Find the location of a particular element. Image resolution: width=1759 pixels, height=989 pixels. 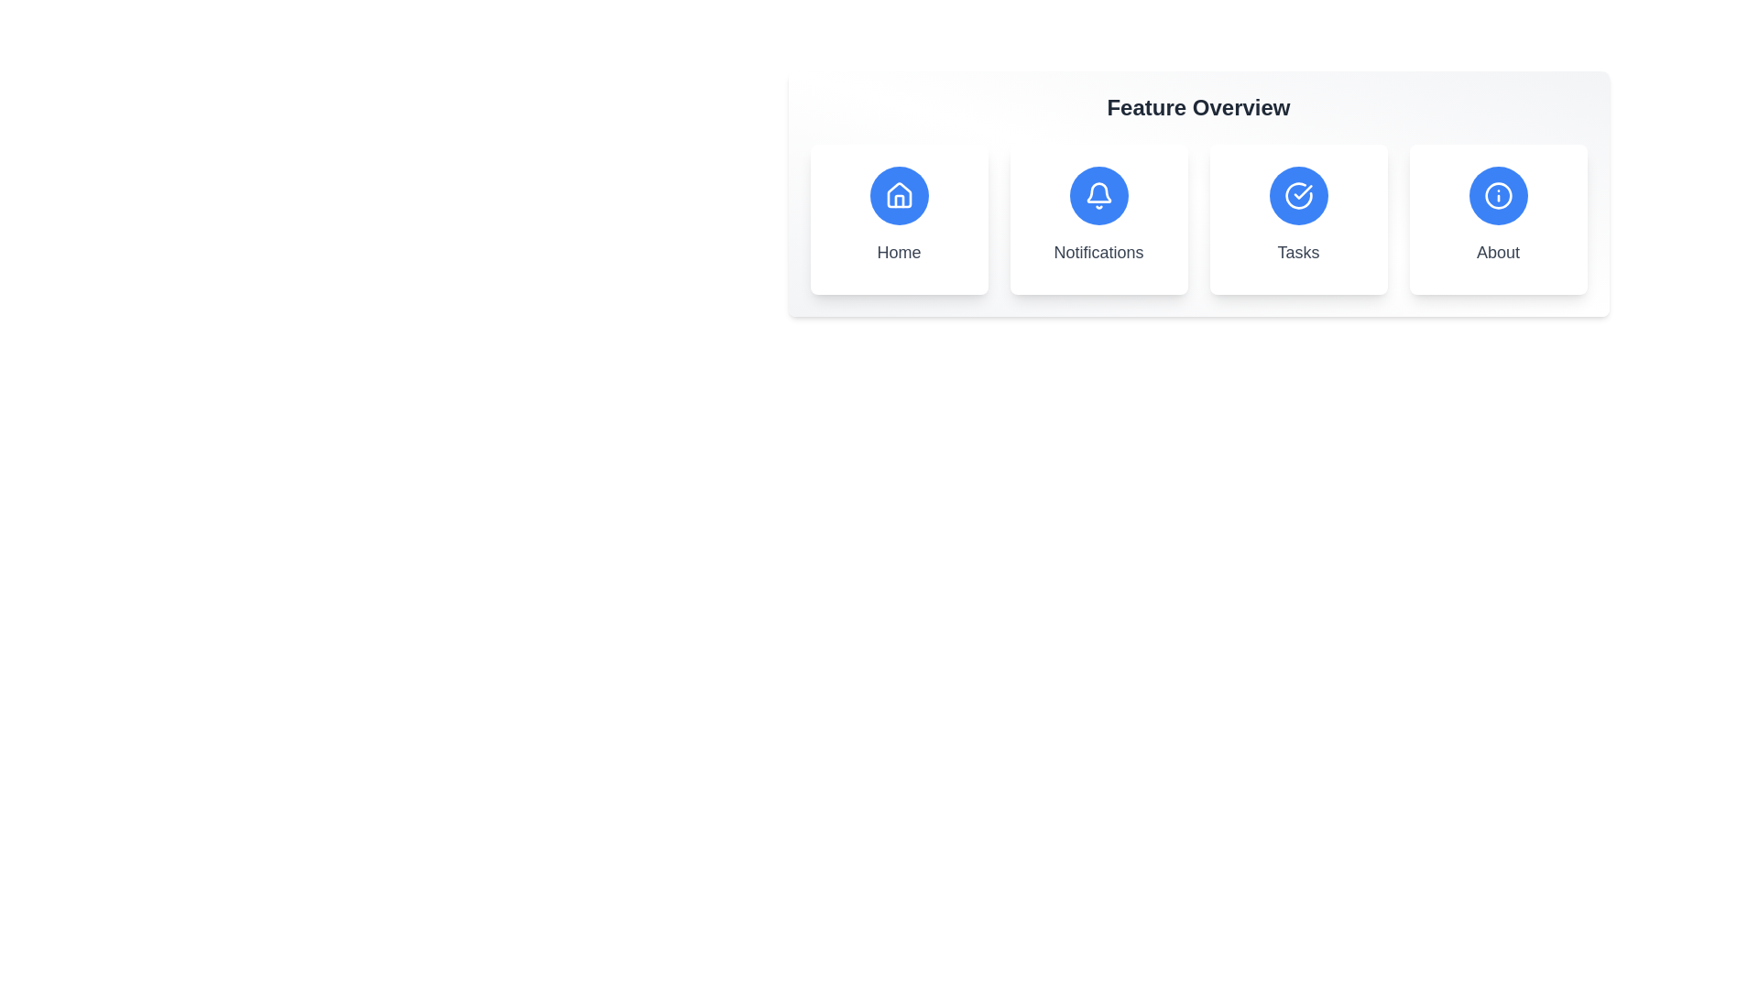

the text label displaying 'Tasks', which is styled with medium gray font and positioned beneath a circular blue icon with a white checkmark is located at coordinates (1297, 253).